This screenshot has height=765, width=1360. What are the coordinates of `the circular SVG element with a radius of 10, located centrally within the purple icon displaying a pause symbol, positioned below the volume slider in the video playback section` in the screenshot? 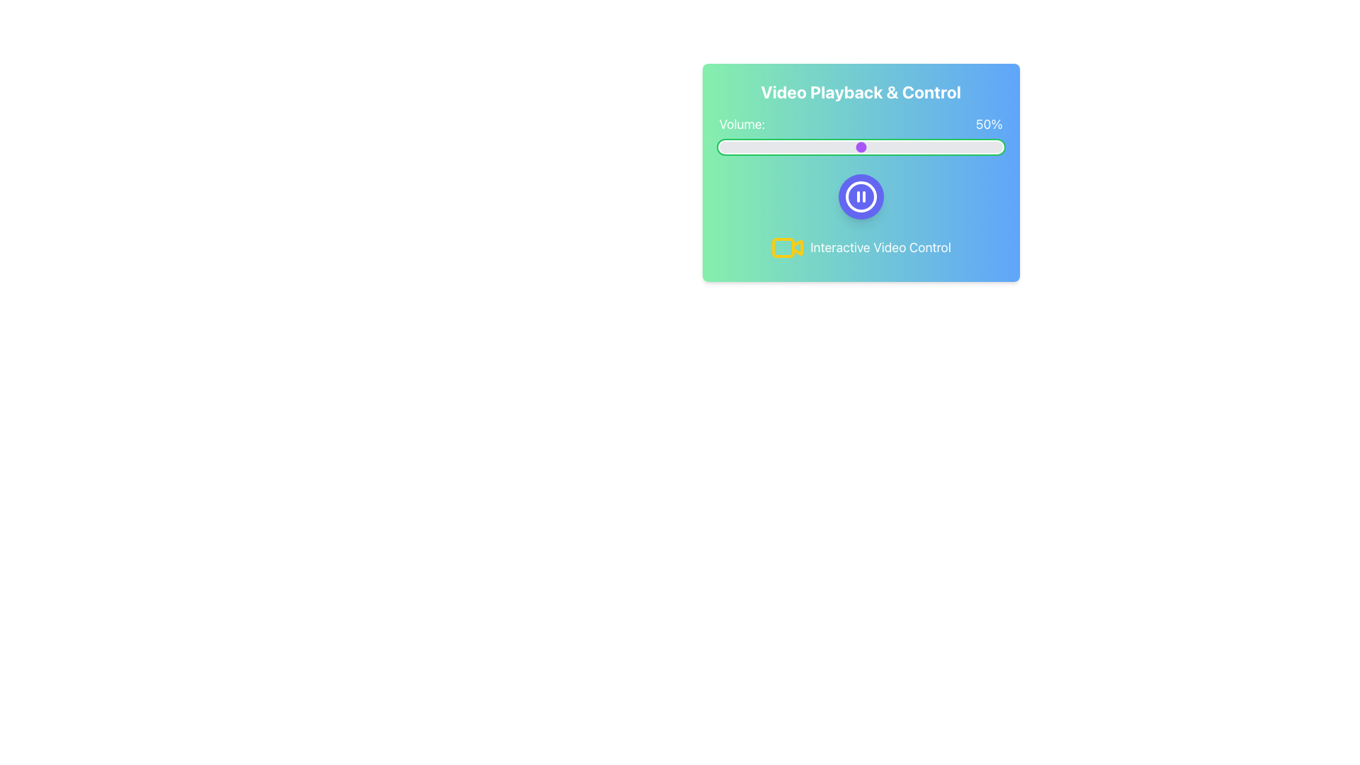 It's located at (860, 196).